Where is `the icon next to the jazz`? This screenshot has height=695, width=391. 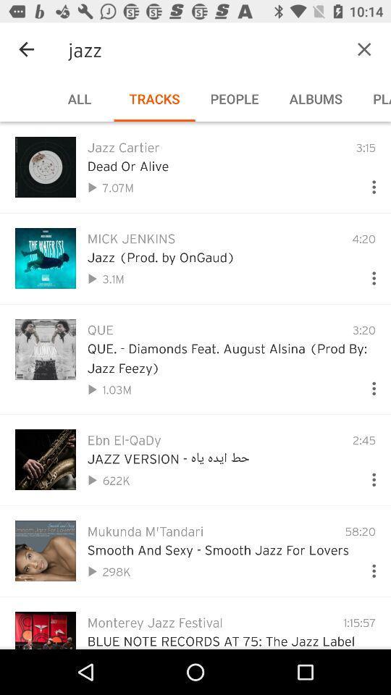
the icon next to the jazz is located at coordinates (26, 49).